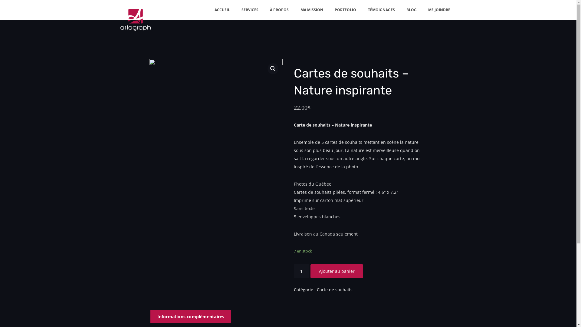 This screenshot has height=327, width=581. Describe the element at coordinates (336, 271) in the screenshot. I see `'Ajouter au panier'` at that location.